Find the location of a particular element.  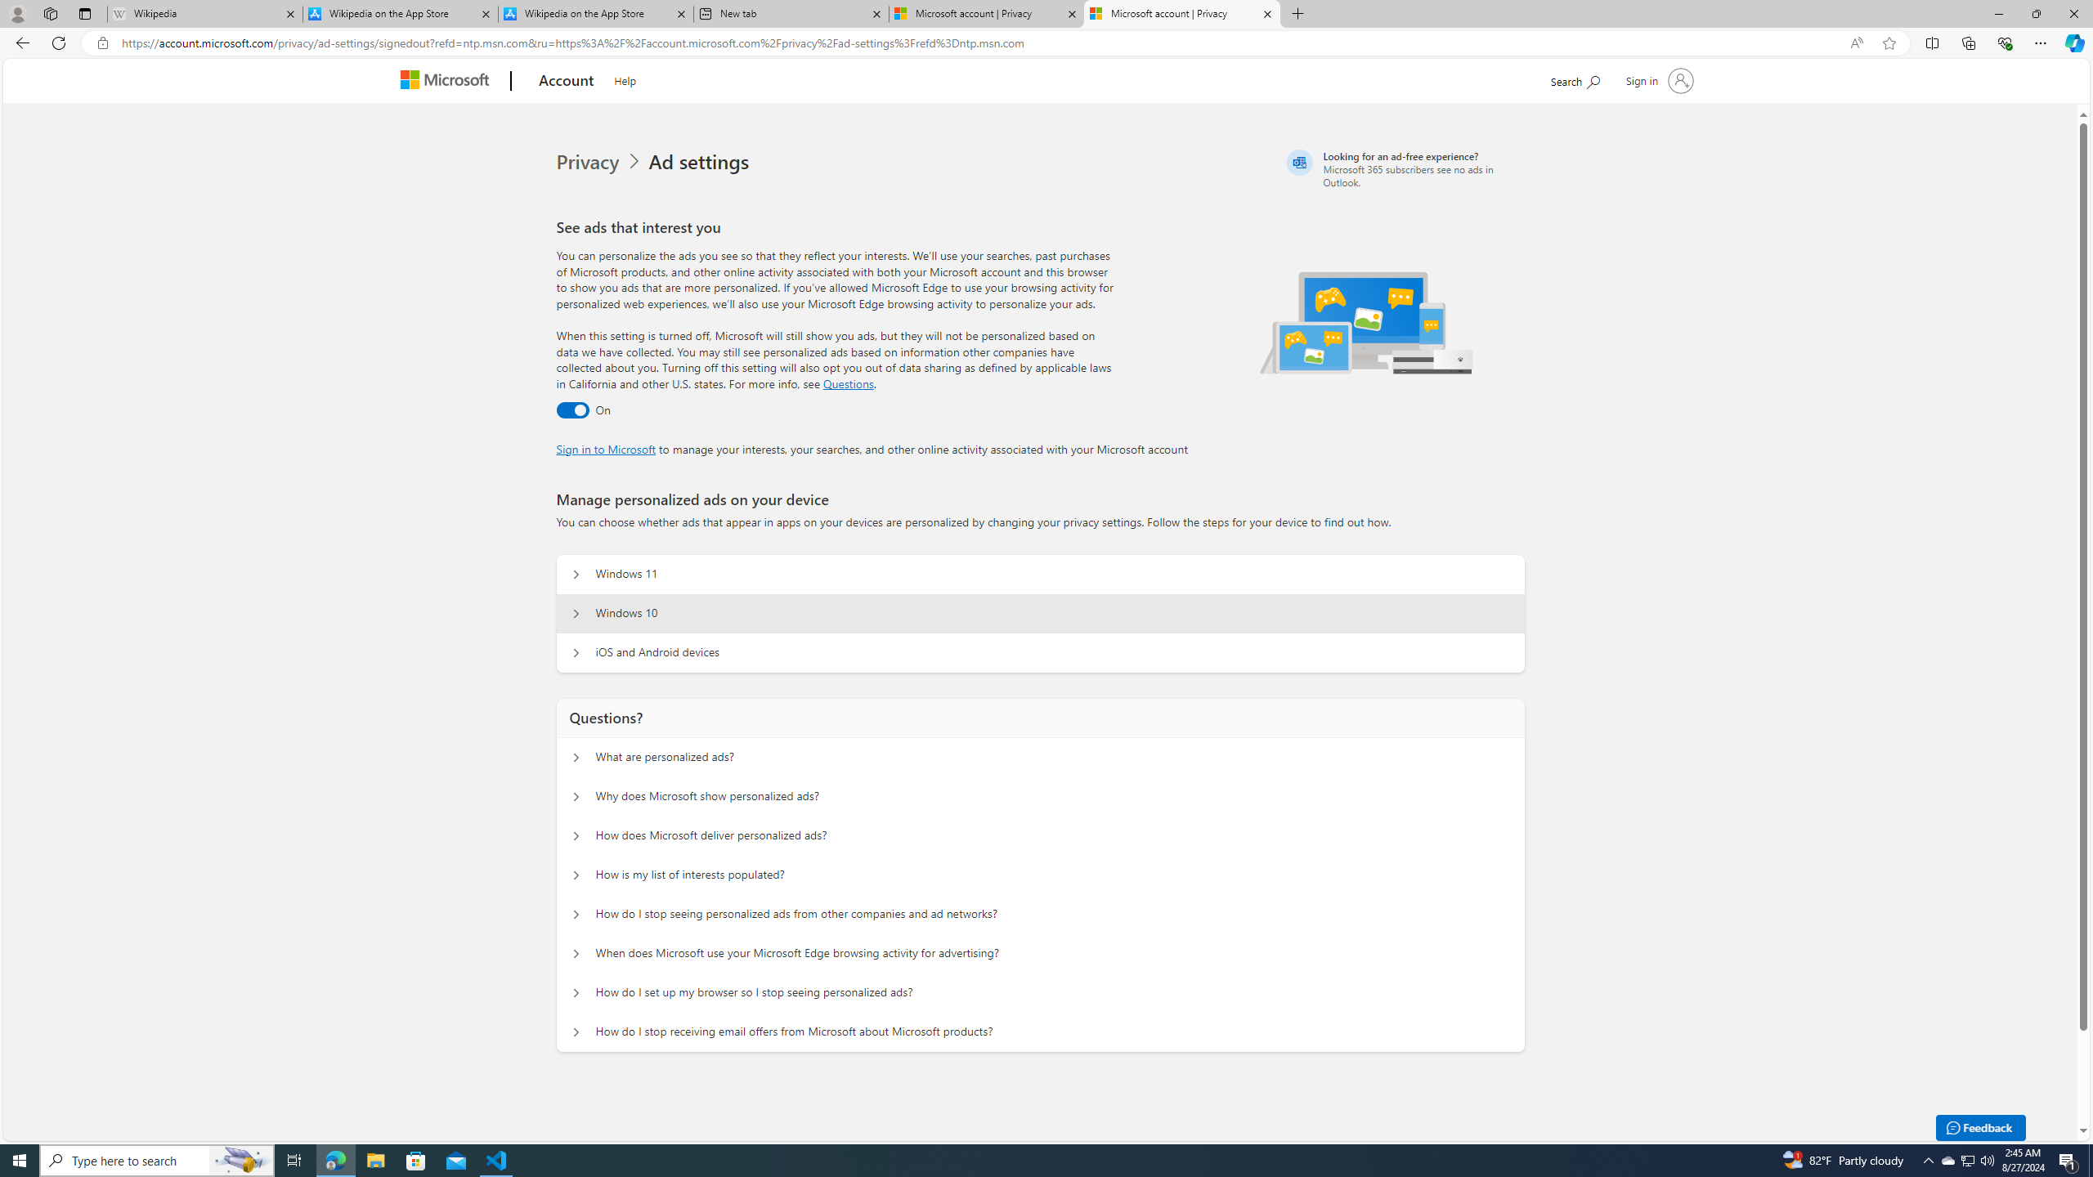

'Sign in to Microsoft' is located at coordinates (606, 447).